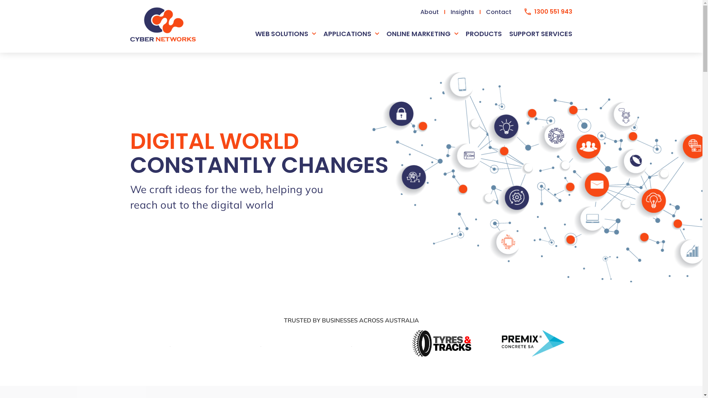 The height and width of the screenshot is (398, 708). Describe the element at coordinates (285, 34) in the screenshot. I see `'WEB SOLUTIONS'` at that location.